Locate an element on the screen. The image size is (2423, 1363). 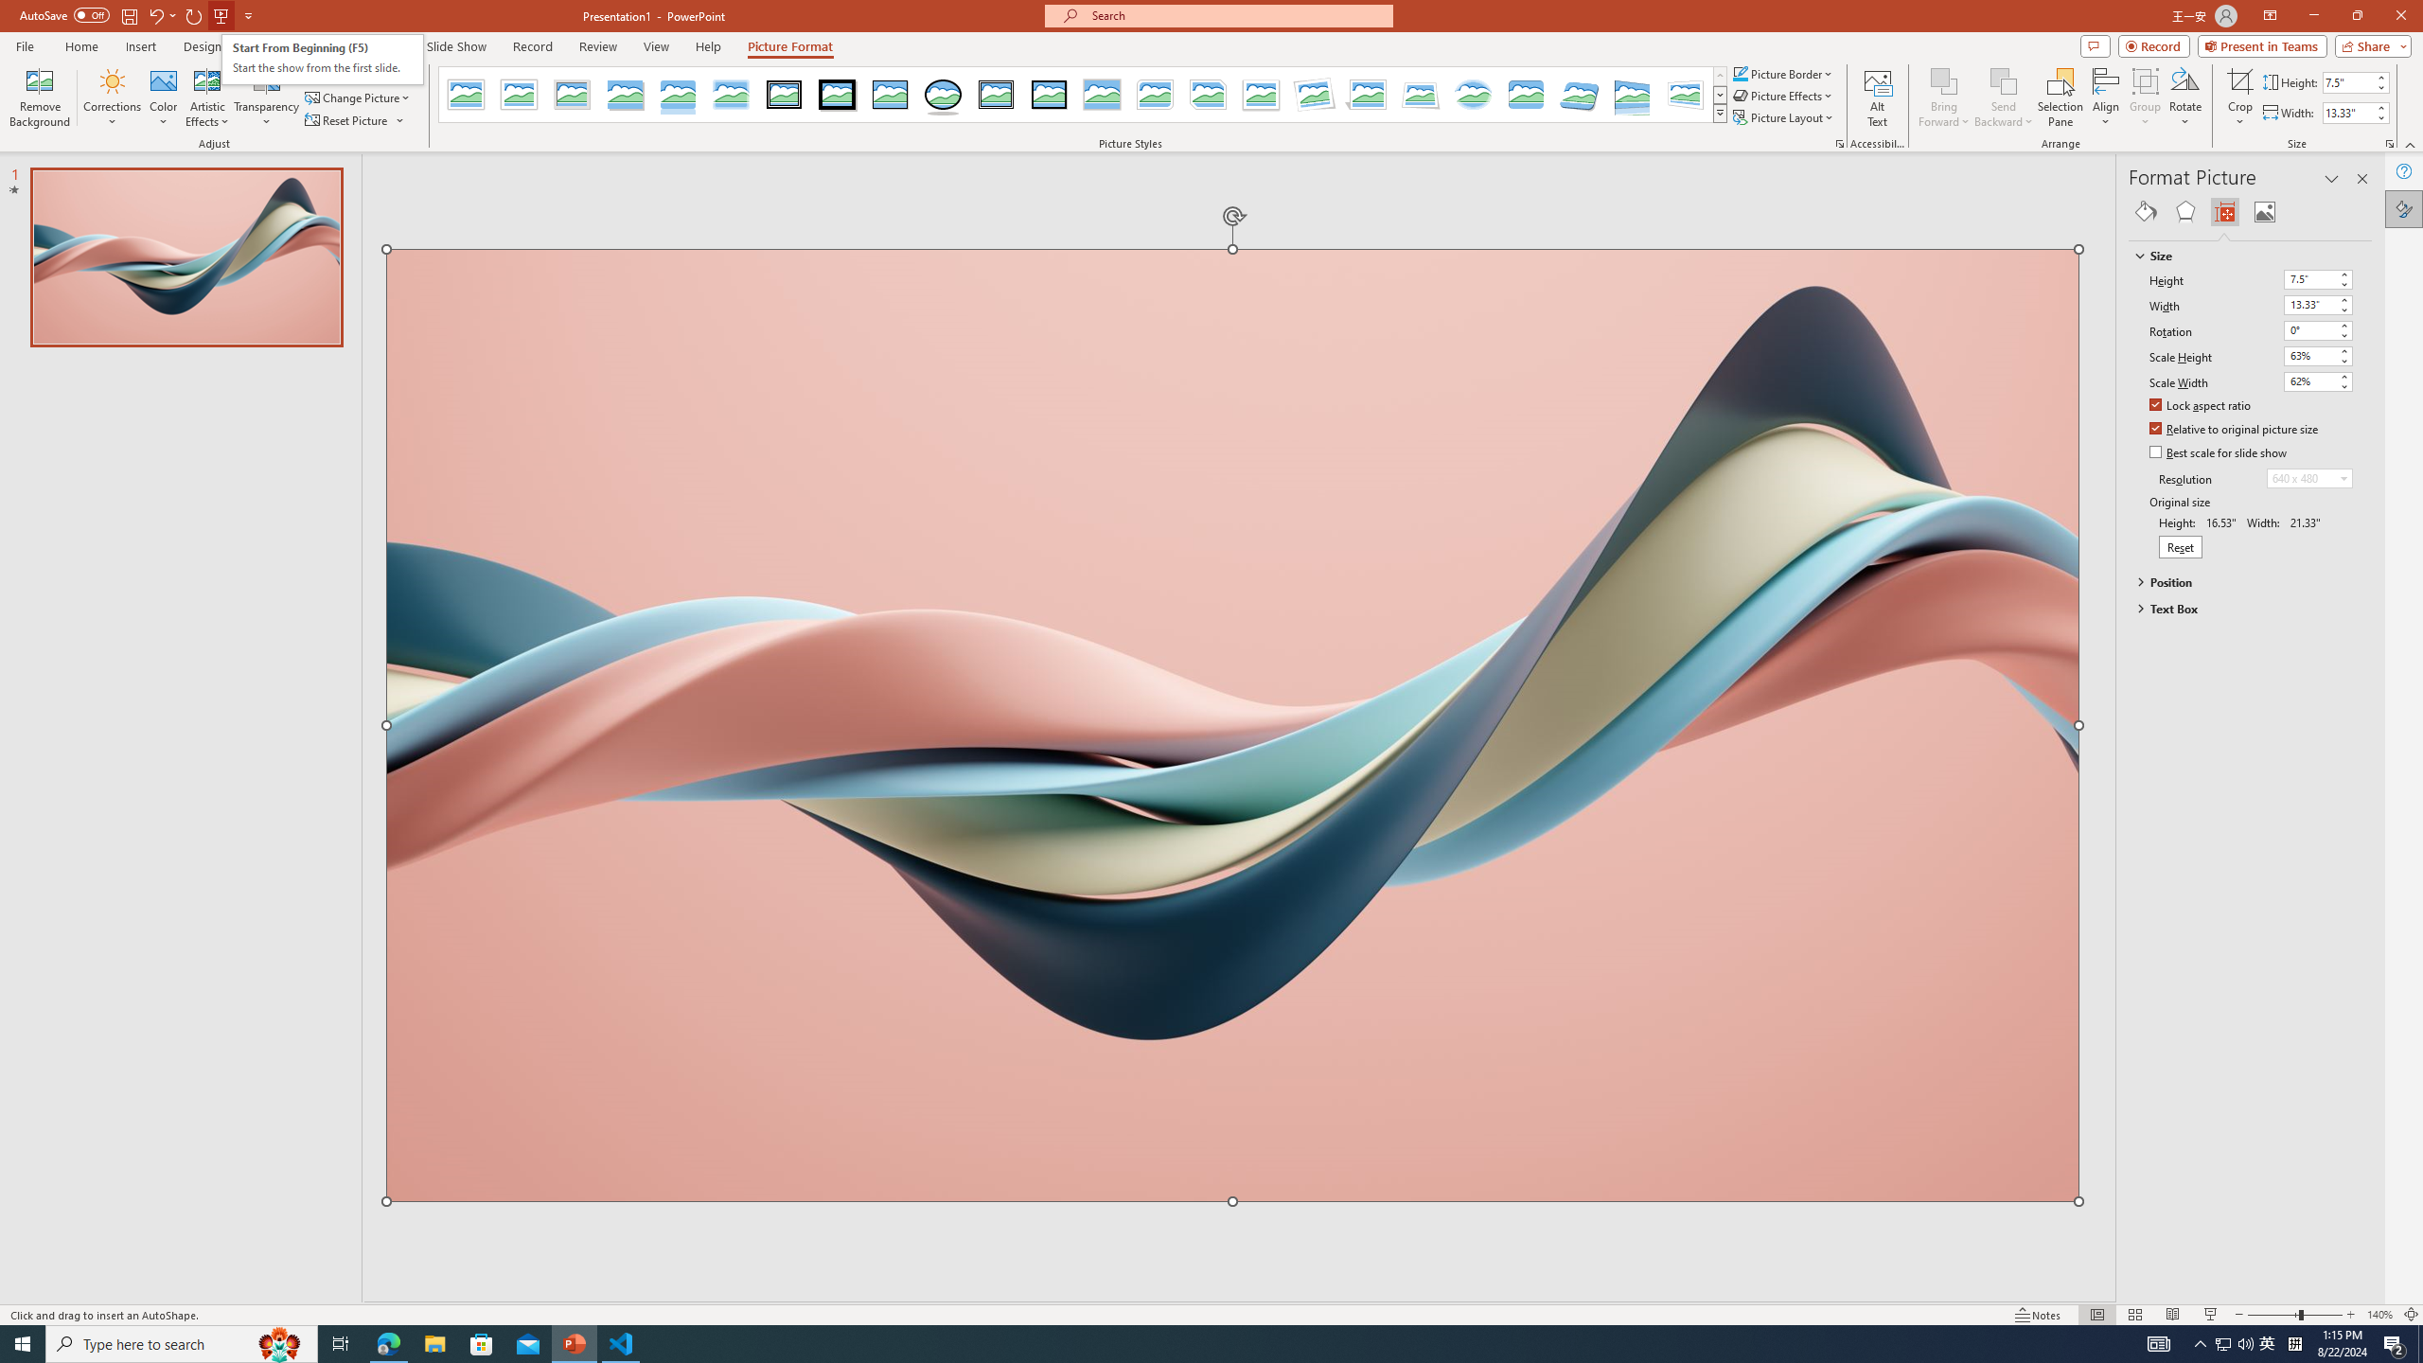
'Beveled Matte, White' is located at coordinates (520, 94).